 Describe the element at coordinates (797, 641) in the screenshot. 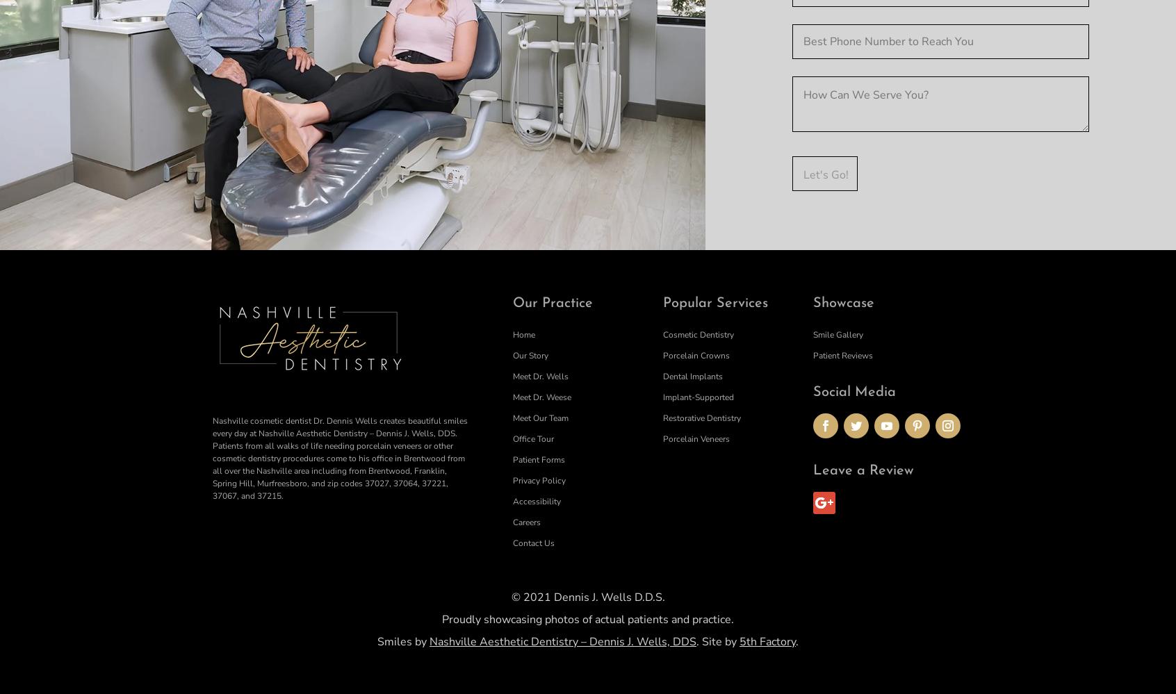

I see `'.'` at that location.